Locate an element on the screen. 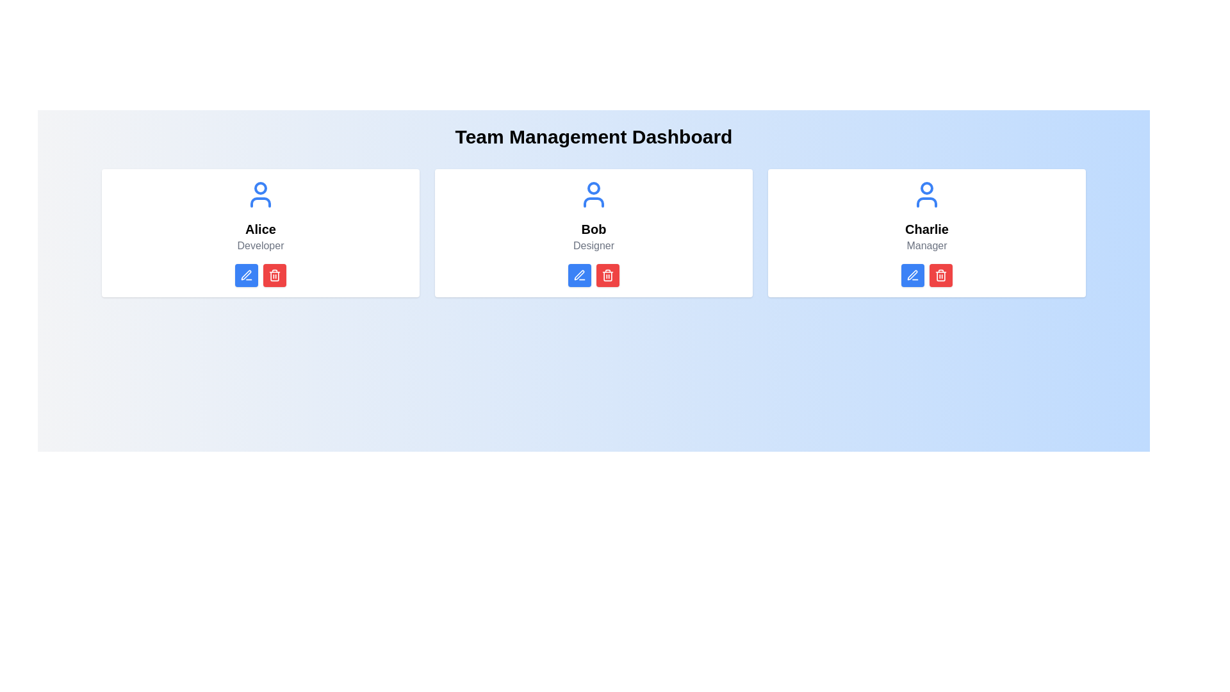 This screenshot has height=692, width=1230. the first profile card in the grid layout that displays user details like name and occupation is located at coordinates (260, 233).